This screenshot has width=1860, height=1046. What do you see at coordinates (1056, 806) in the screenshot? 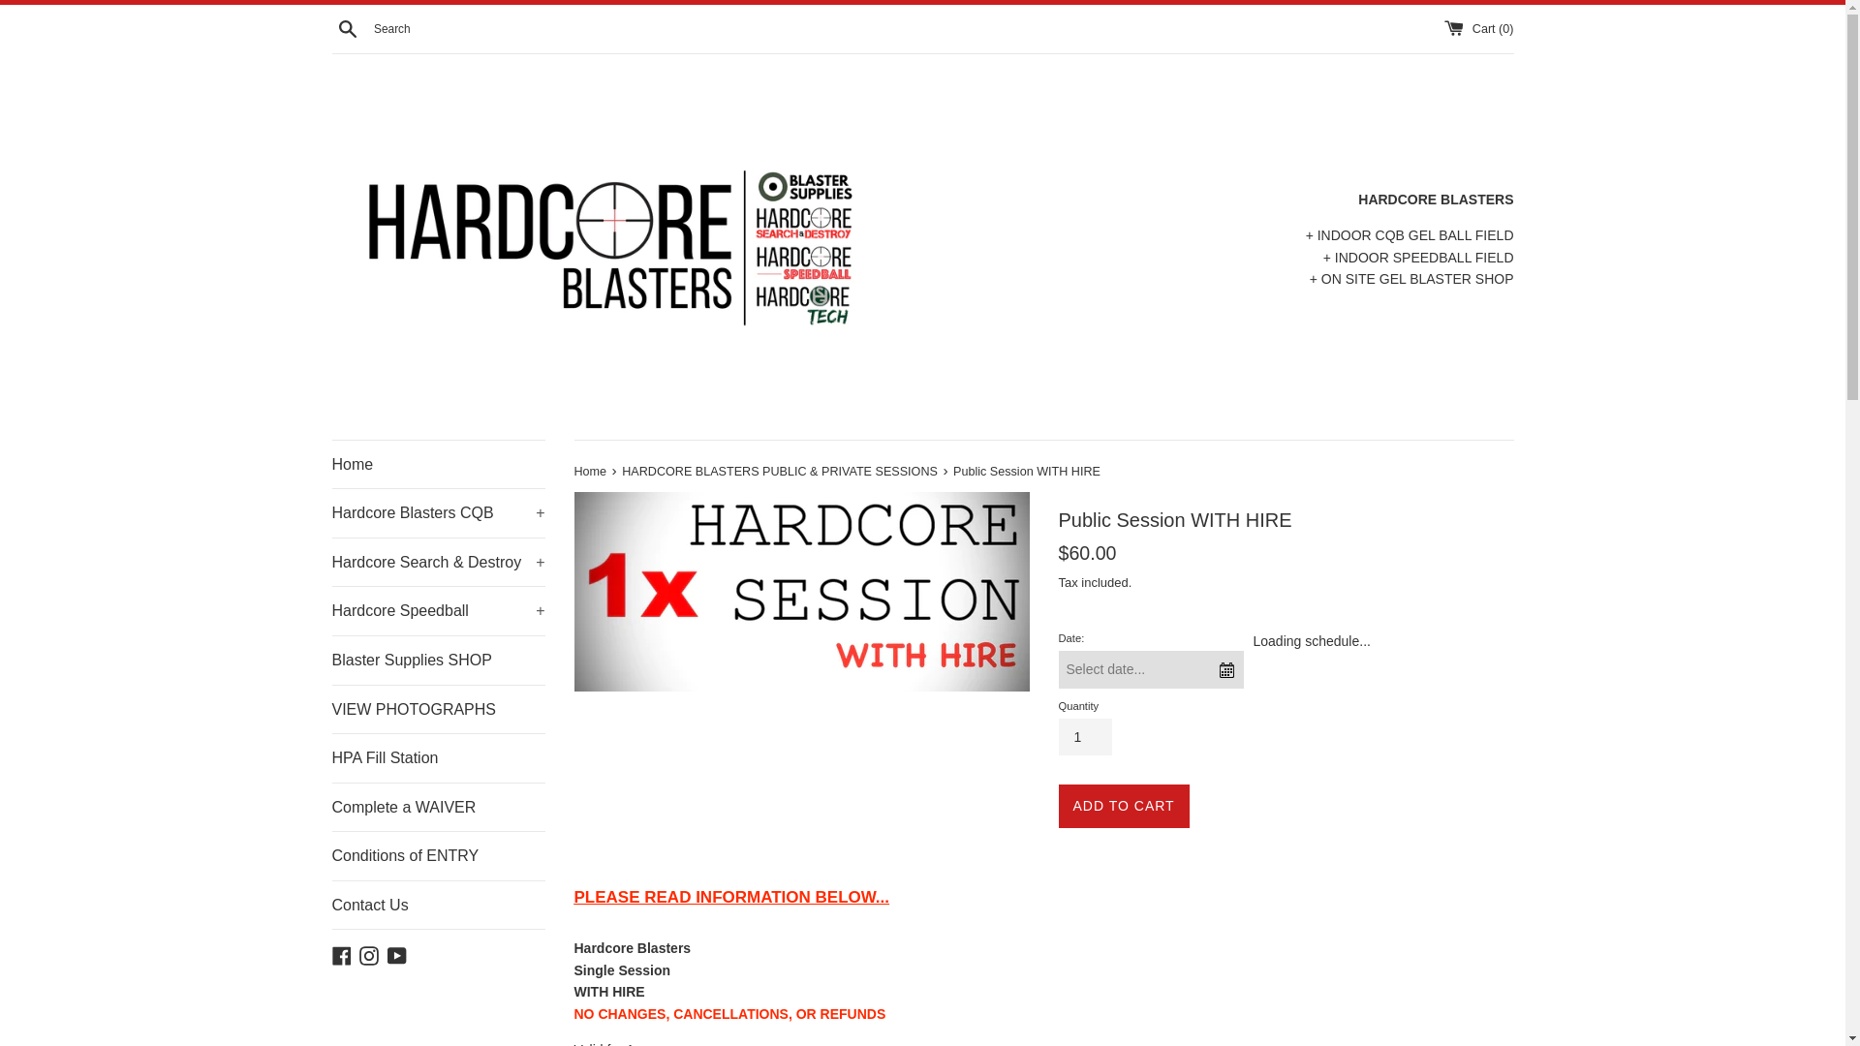
I see `'ADD TO CART'` at bounding box center [1056, 806].